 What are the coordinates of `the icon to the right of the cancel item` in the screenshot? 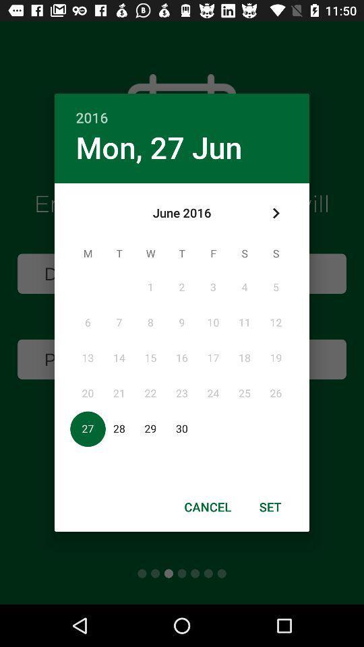 It's located at (270, 506).